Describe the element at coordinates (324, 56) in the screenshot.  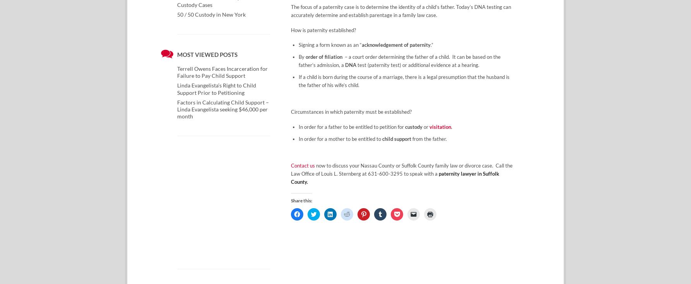
I see `'order of filiation'` at that location.